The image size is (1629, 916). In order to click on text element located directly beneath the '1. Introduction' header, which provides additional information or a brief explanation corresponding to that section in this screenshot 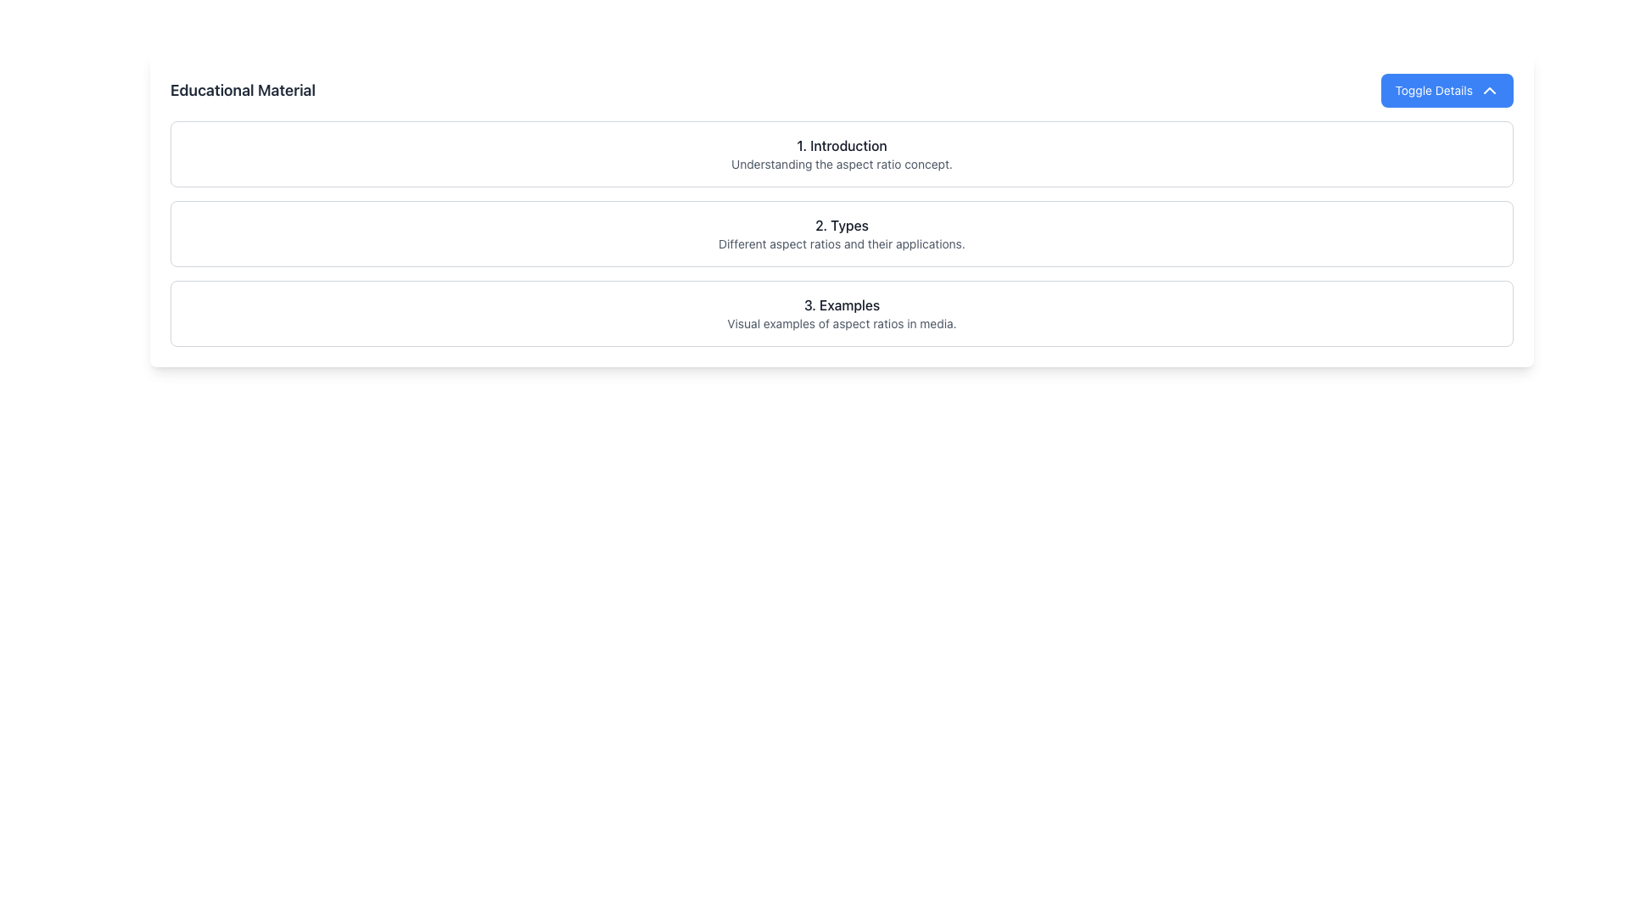, I will do `click(842, 164)`.